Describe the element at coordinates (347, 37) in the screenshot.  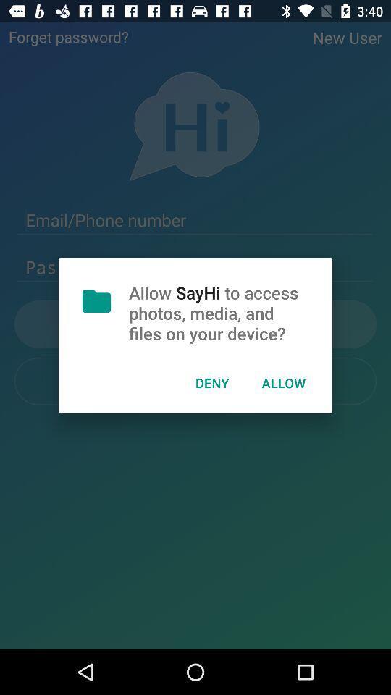
I see `new user` at that location.